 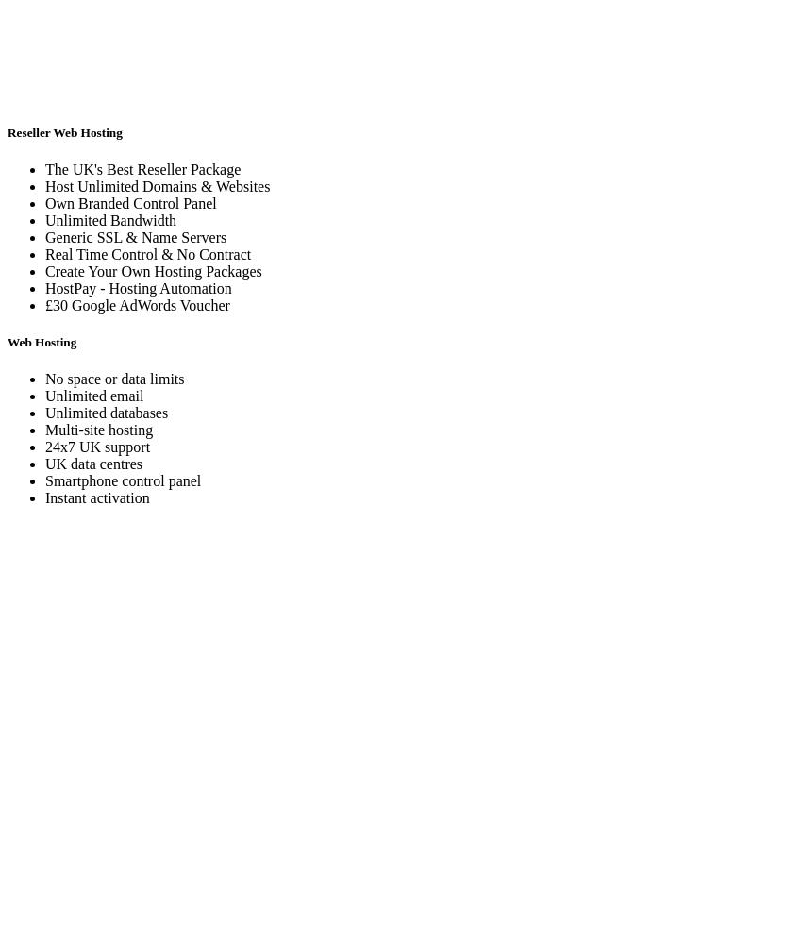 What do you see at coordinates (158, 184) in the screenshot?
I see `'Host Unlimited Domains &  Websites'` at bounding box center [158, 184].